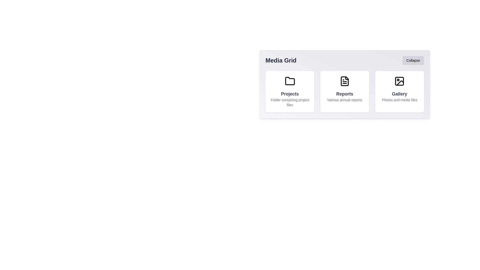  I want to click on 'Collapse' button to toggle the visibility of the grid, so click(413, 60).